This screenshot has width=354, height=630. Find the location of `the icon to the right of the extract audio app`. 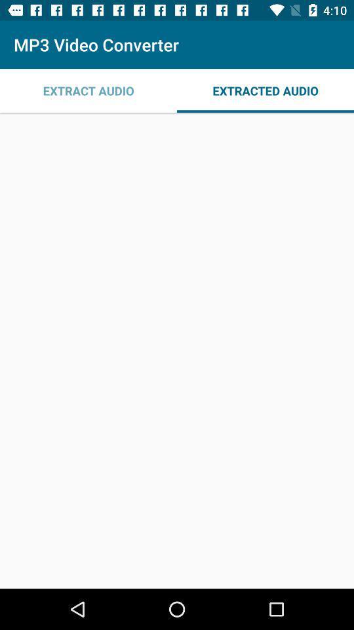

the icon to the right of the extract audio app is located at coordinates (265, 90).